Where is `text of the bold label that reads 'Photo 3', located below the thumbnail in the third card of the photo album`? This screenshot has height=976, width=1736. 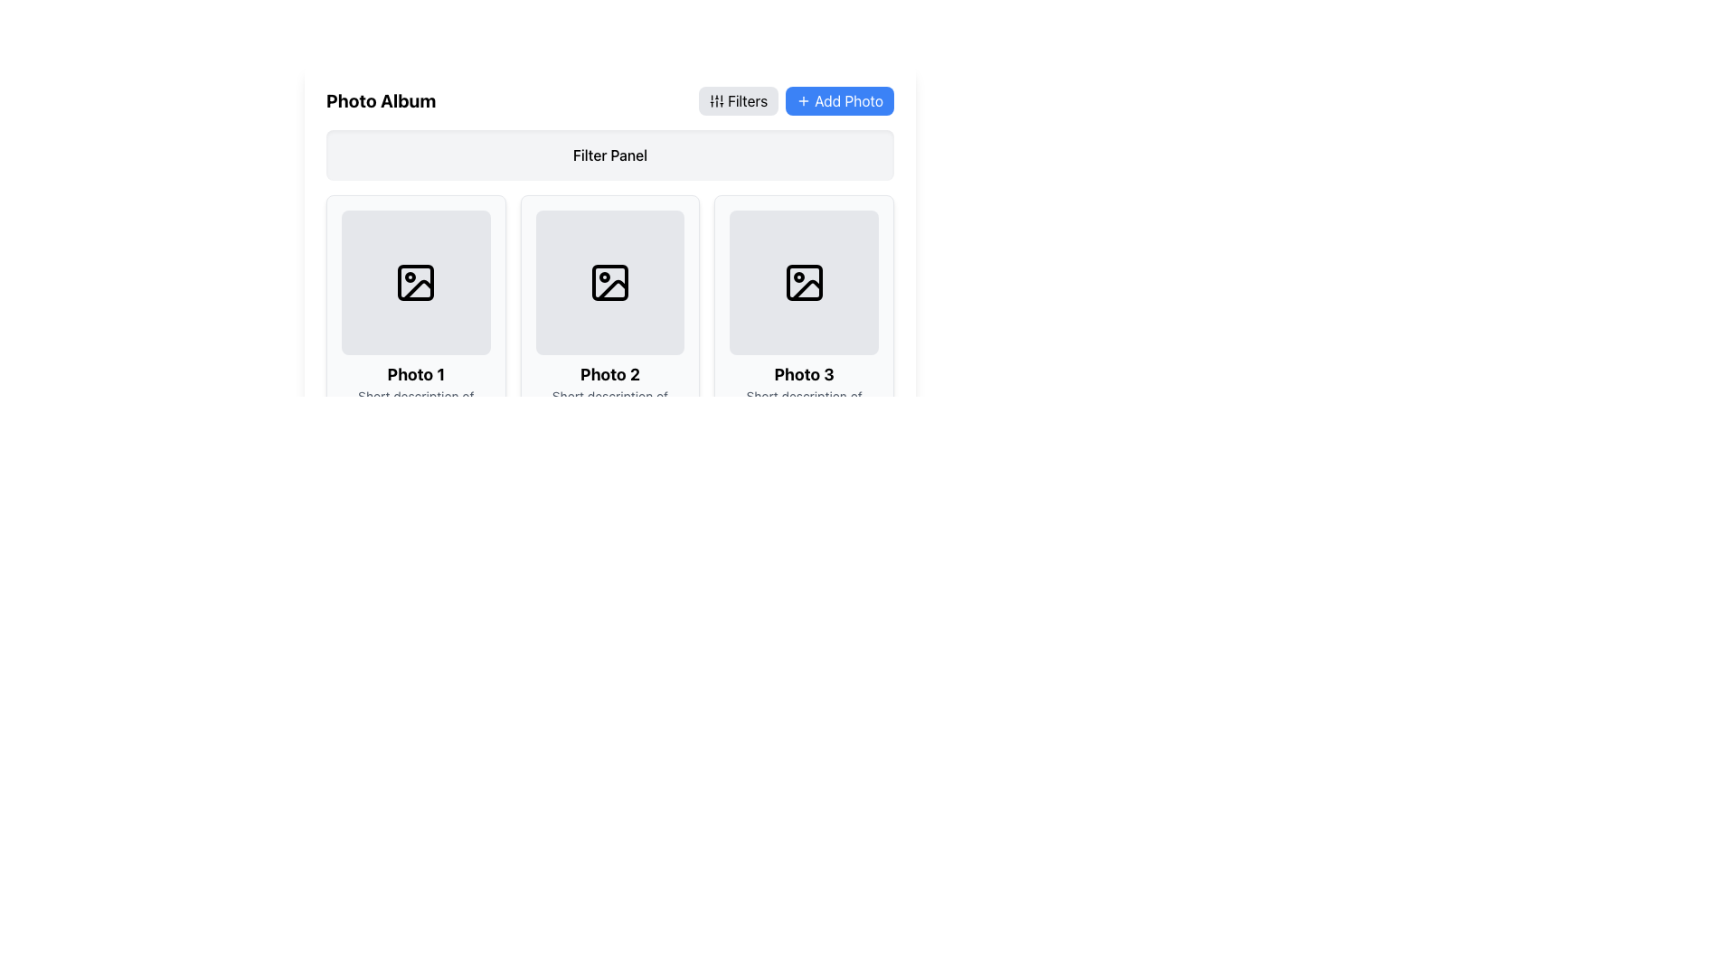 text of the bold label that reads 'Photo 3', located below the thumbnail in the third card of the photo album is located at coordinates (803, 374).